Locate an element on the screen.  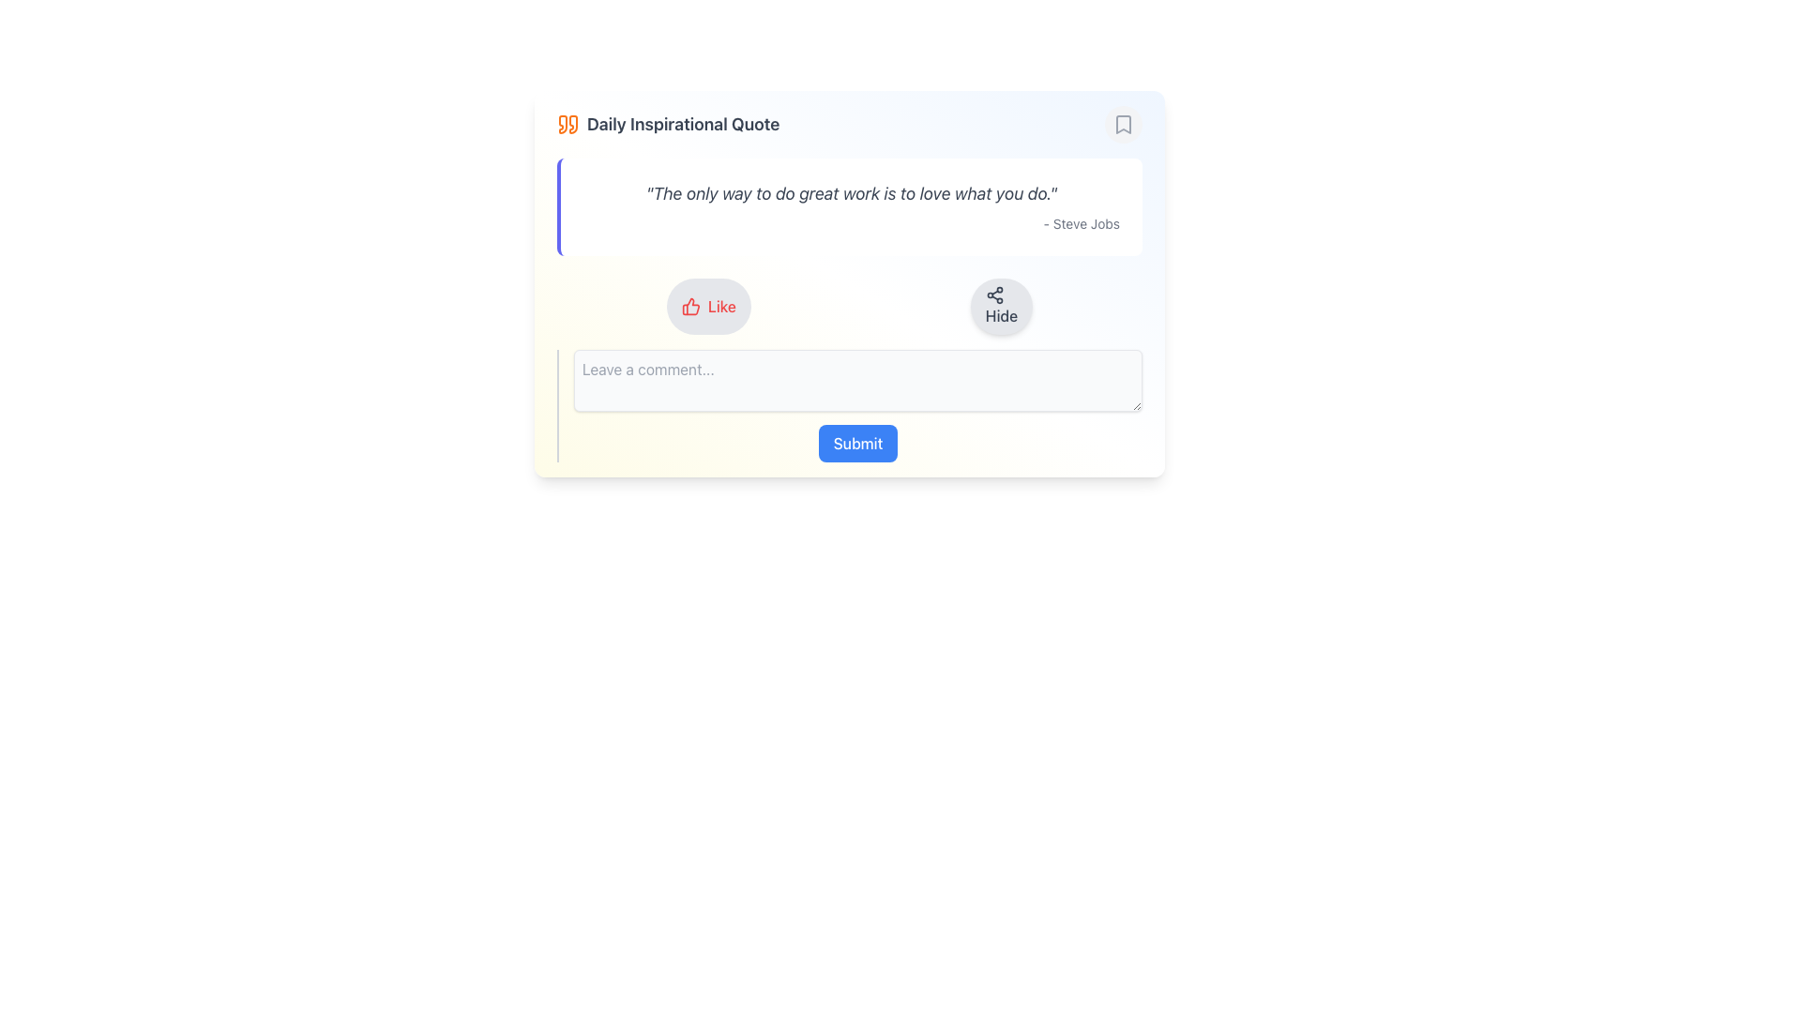
inspirational quote text displayed centrally below the heading 'Daily Inspirational Quote' in the upper-middle area of the interface is located at coordinates (850, 194).